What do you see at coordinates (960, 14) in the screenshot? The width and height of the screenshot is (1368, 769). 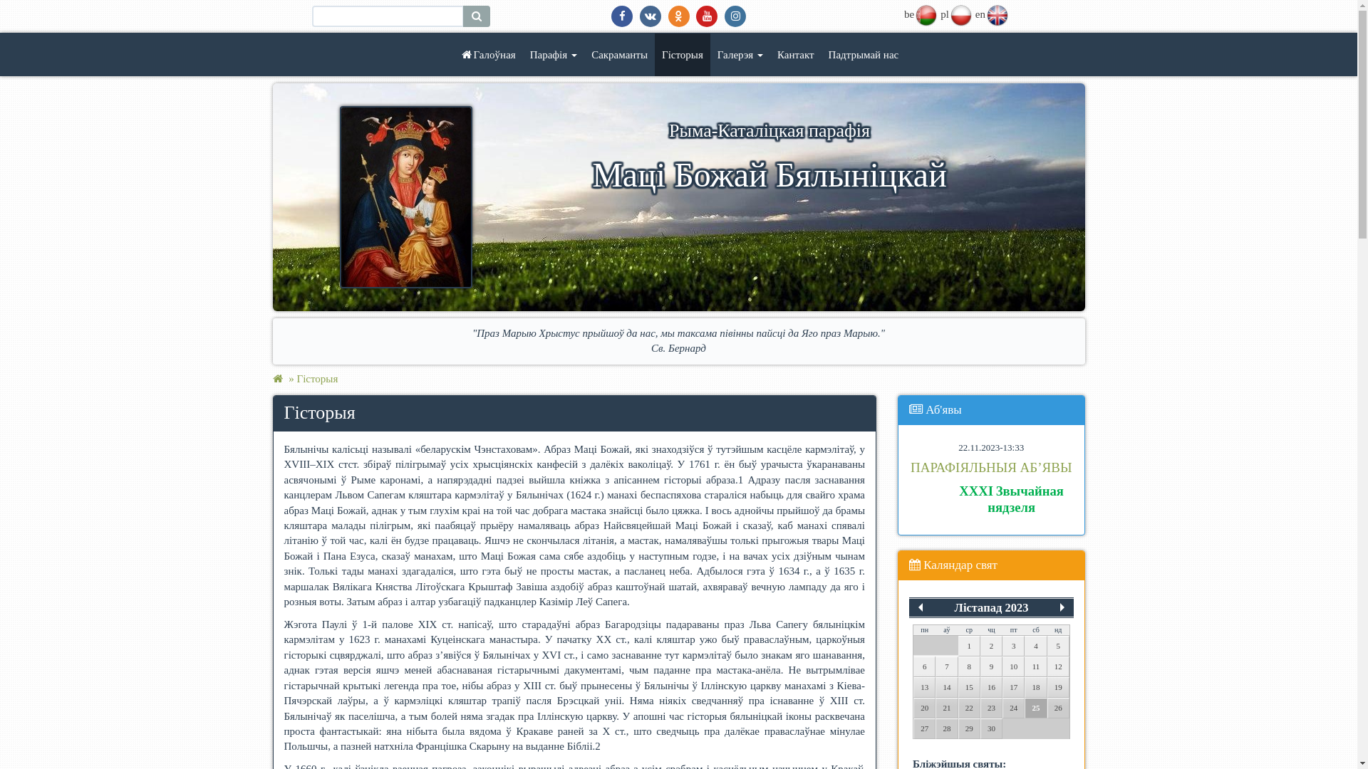 I see `'pl'` at bounding box center [960, 14].